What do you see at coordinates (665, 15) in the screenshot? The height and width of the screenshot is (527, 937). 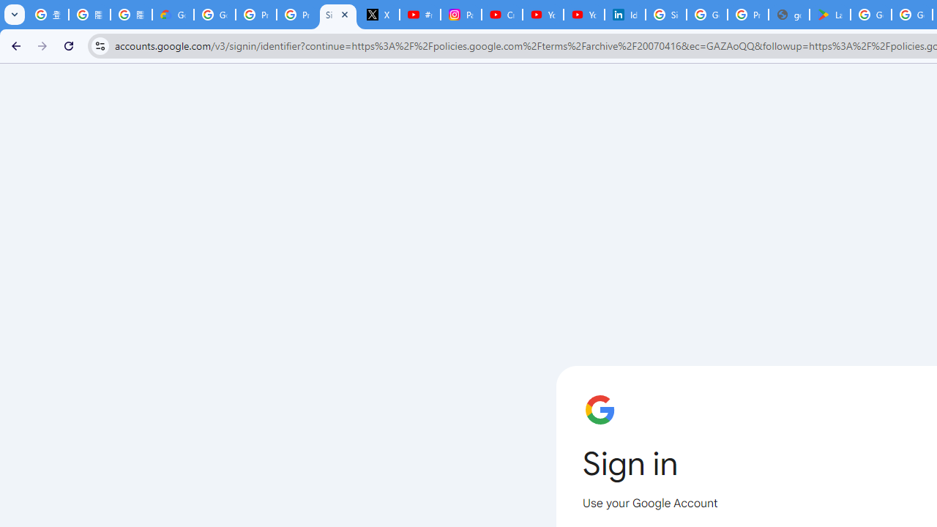 I see `'Sign in - Google Accounts'` at bounding box center [665, 15].